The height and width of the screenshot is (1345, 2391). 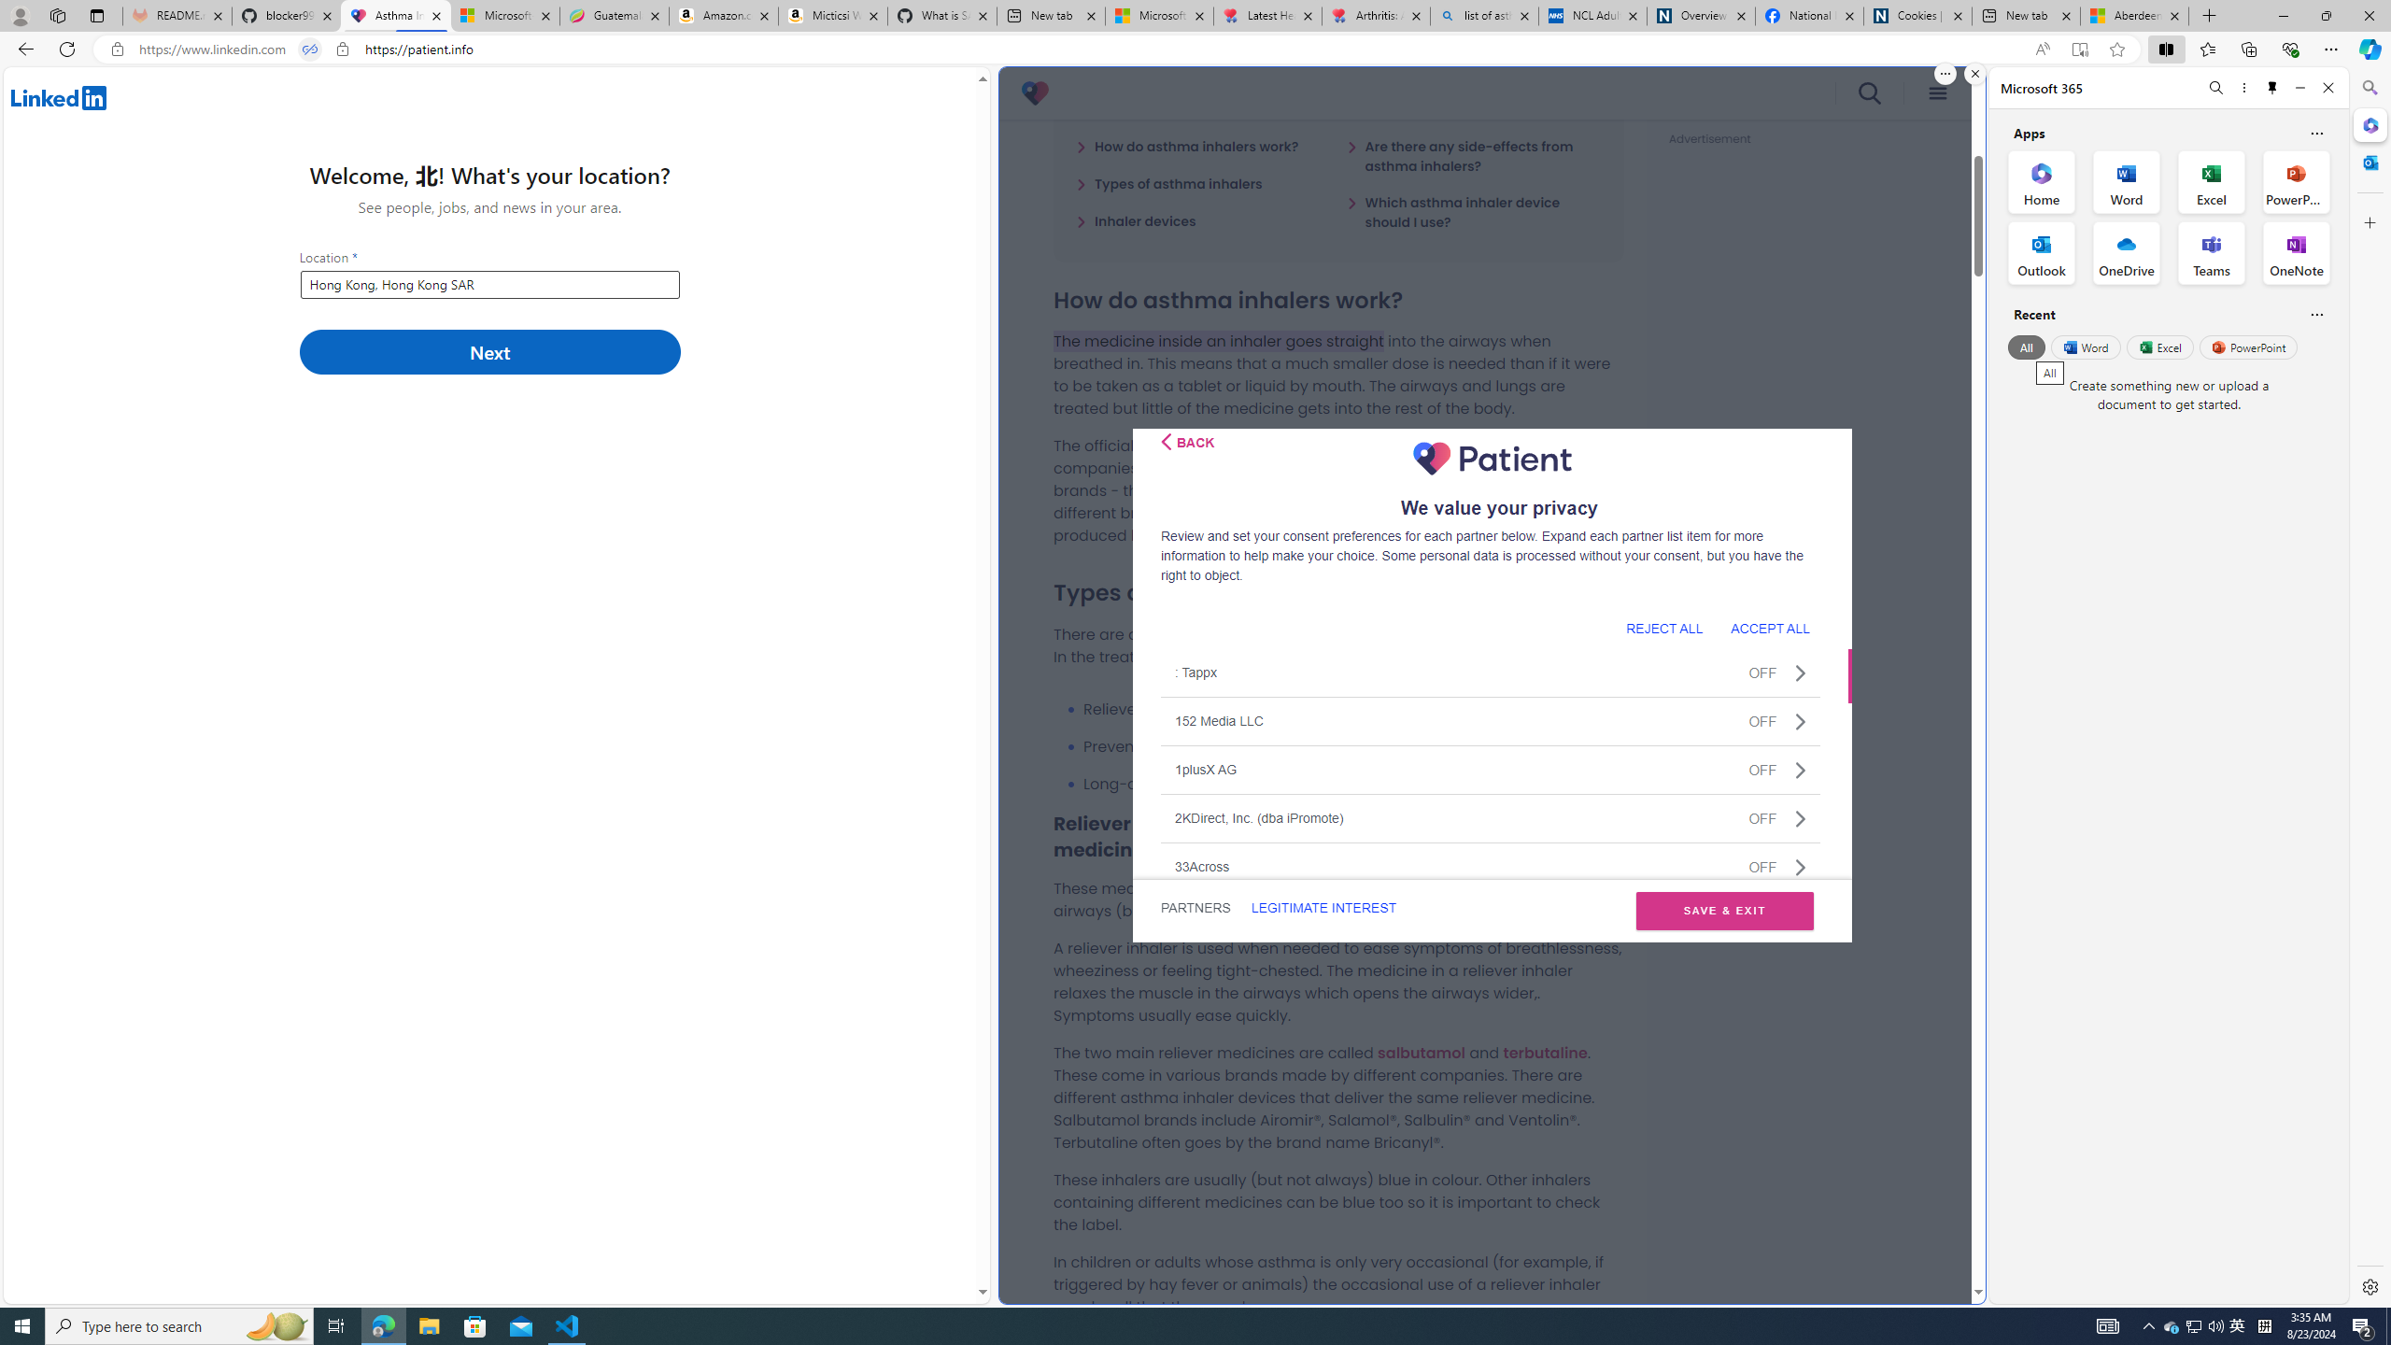 I want to click on 'How do asthma inhalers work?', so click(x=1187, y=146).